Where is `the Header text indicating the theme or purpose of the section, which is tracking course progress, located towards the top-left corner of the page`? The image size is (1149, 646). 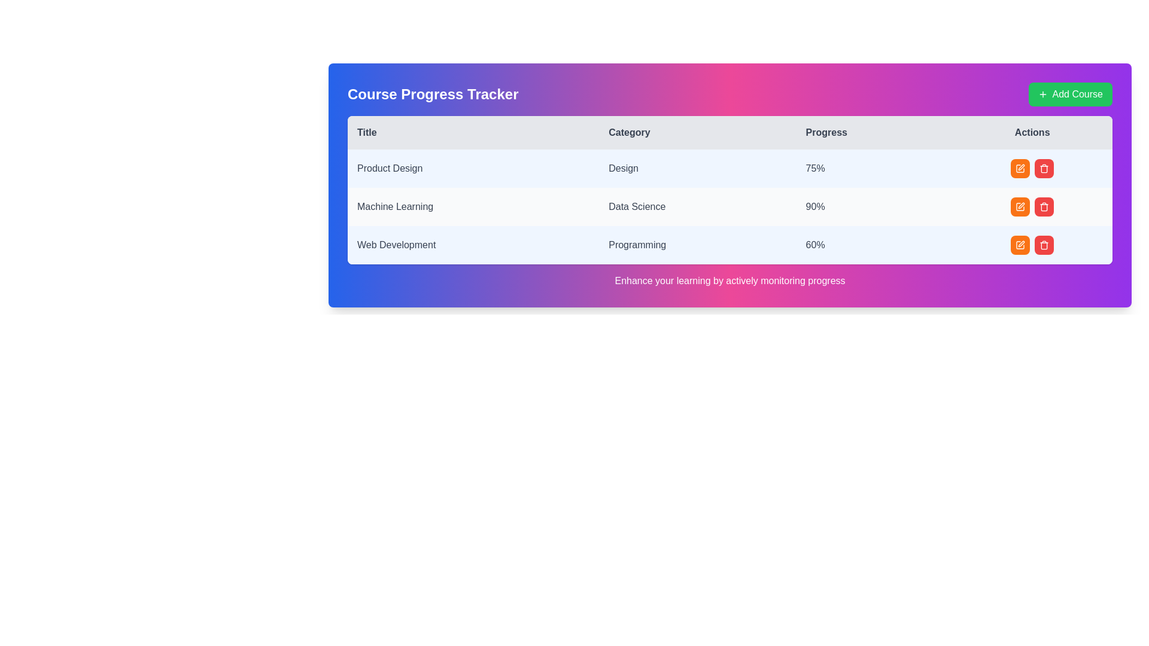 the Header text indicating the theme or purpose of the section, which is tracking course progress, located towards the top-left corner of the page is located at coordinates (432, 94).